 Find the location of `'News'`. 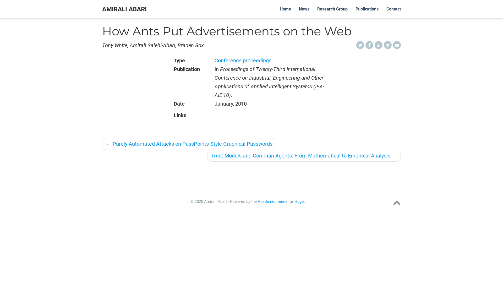

'News' is located at coordinates (304, 9).